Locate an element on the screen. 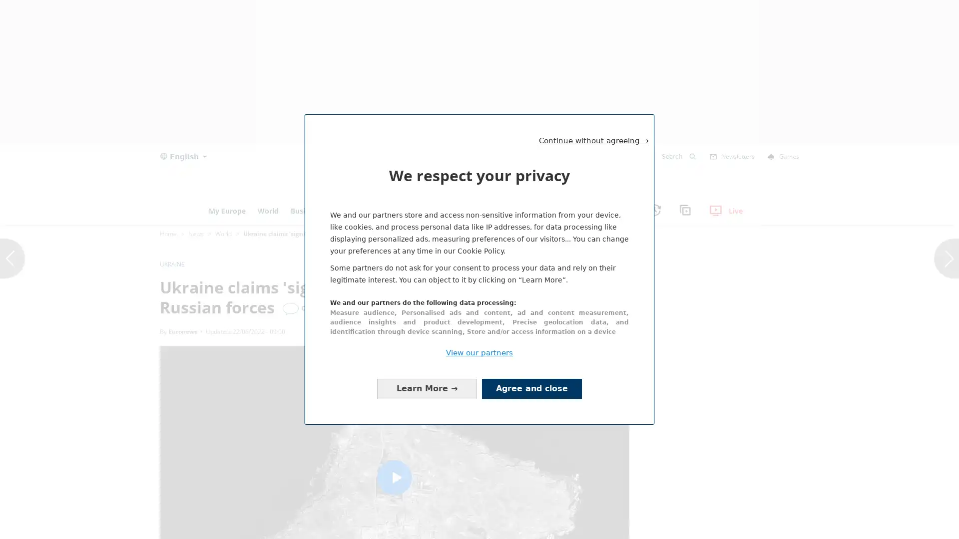 Image resolution: width=959 pixels, height=539 pixels. Play the video is located at coordinates (394, 477).